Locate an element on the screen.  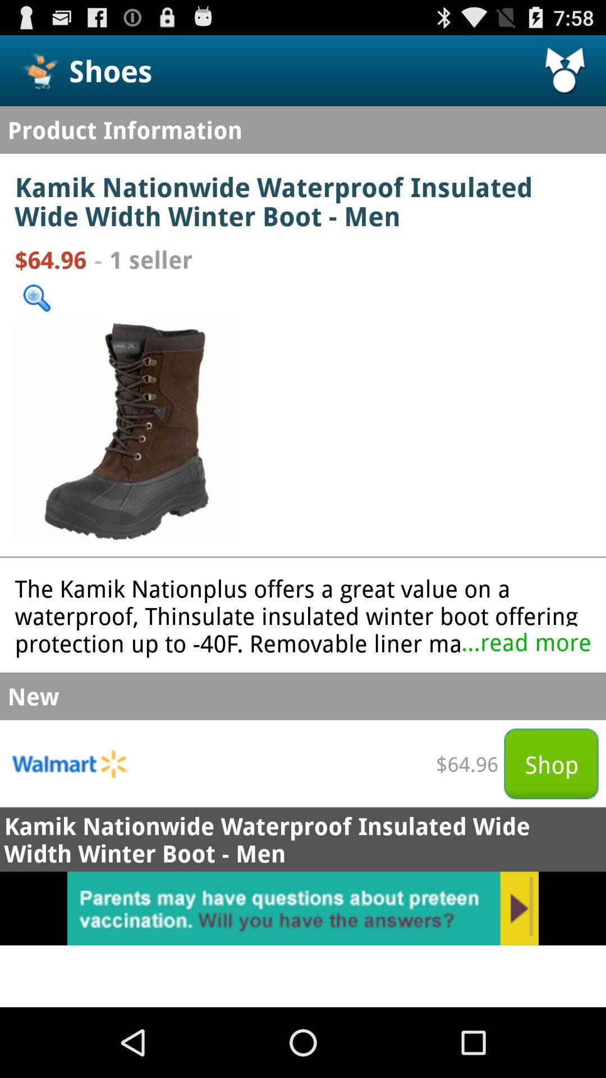
image magnifier is located at coordinates (36, 298).